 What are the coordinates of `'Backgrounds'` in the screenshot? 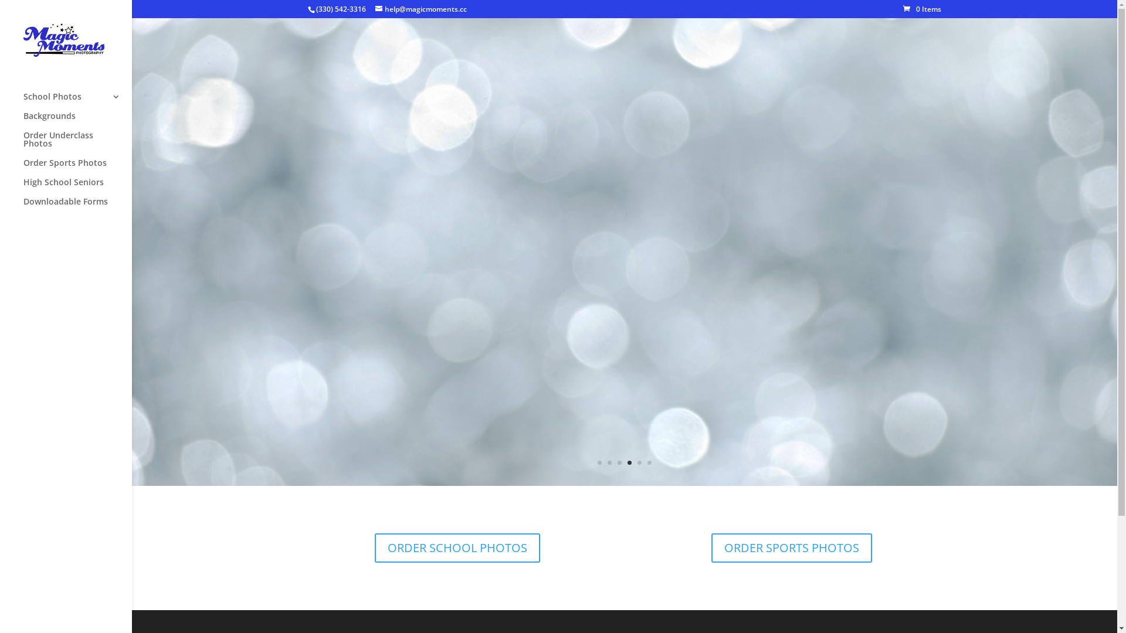 It's located at (77, 121).